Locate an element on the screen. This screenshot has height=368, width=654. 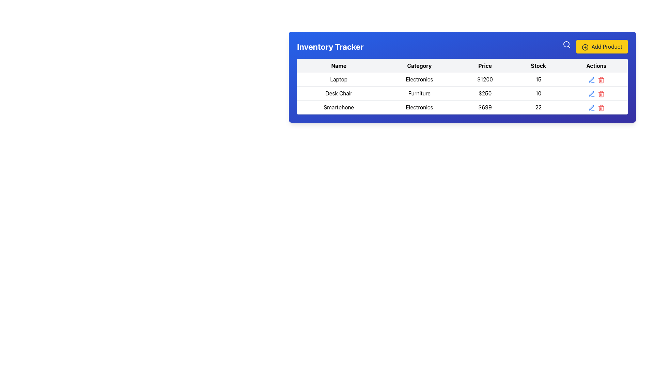
the edit icon (pen icon) in the 'Actions' column of the second row to modify the 'Desk Chair' entry is located at coordinates (591, 79).